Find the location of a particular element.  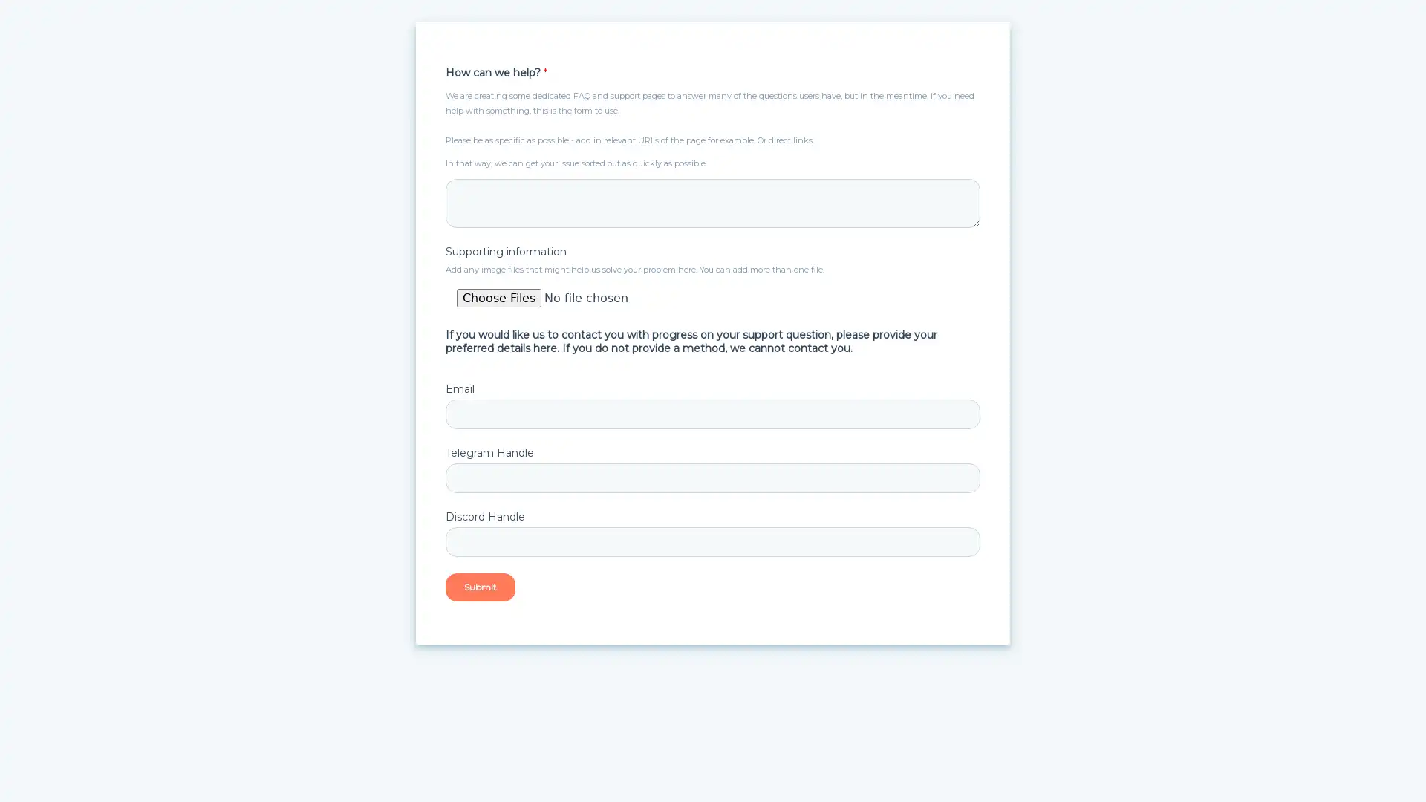

Choose Files is located at coordinates (499, 446).